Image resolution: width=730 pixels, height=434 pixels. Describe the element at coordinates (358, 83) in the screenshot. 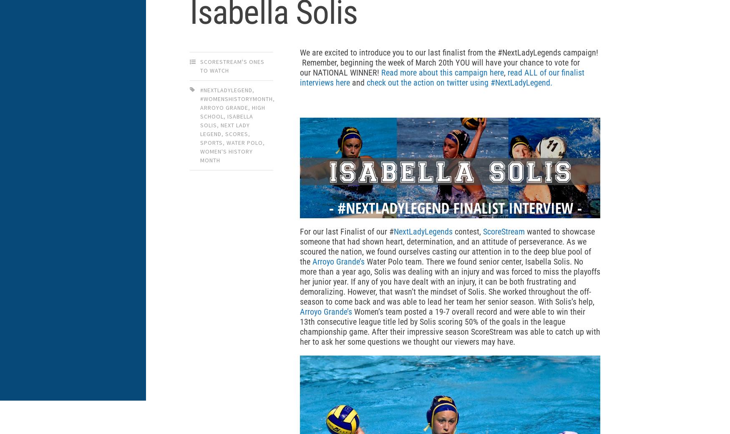

I see `'and'` at that location.